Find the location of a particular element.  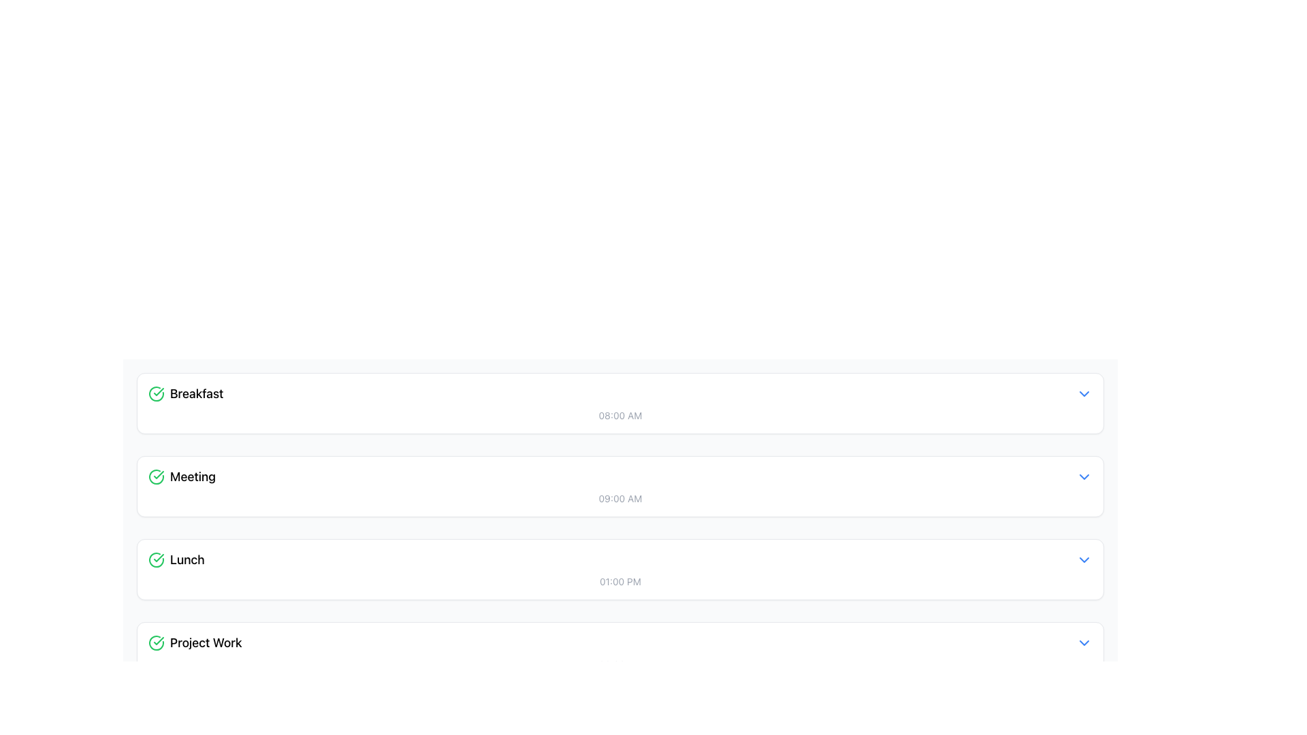

the Dropdown trigger button located at the far right of the 'Project Work' row is located at coordinates (1084, 643).